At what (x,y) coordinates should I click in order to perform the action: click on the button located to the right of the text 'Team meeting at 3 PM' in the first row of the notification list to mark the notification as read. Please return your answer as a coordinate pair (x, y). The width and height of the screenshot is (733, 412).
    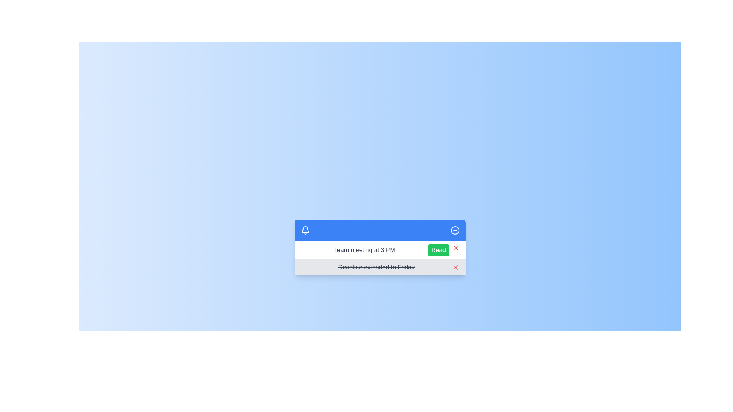
    Looking at the image, I should click on (438, 250).